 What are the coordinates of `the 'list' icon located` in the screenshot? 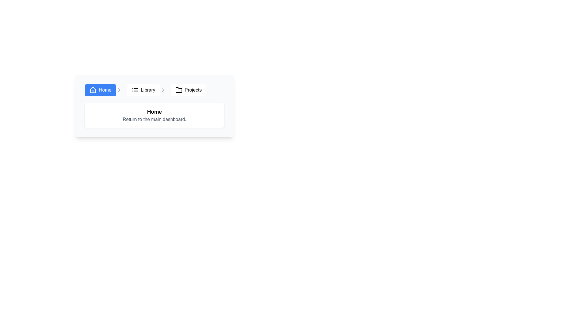 It's located at (134, 90).